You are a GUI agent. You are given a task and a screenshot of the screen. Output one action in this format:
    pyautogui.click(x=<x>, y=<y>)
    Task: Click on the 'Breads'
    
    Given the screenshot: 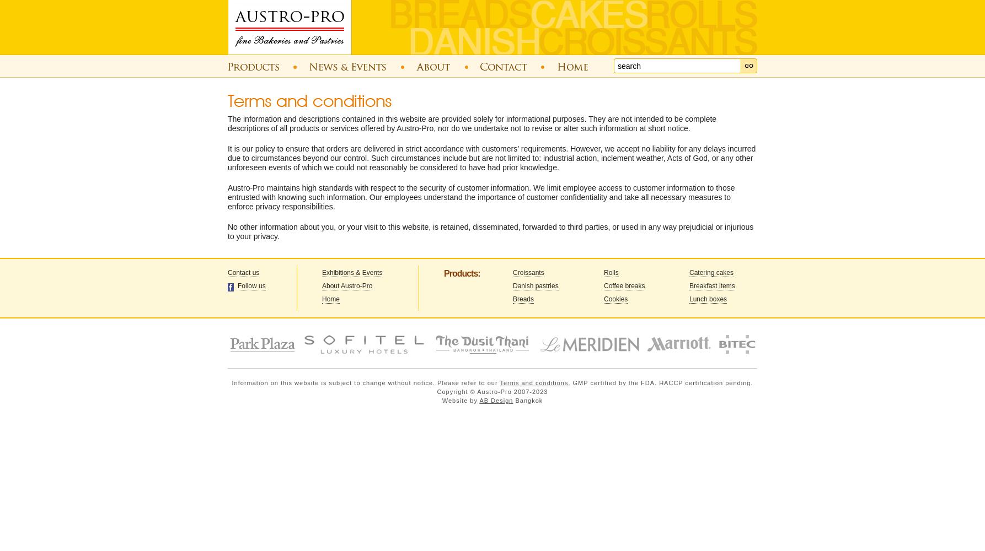 What is the action you would take?
    pyautogui.click(x=523, y=299)
    